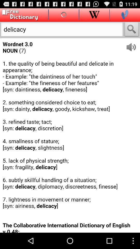  I want to click on the option, so click(132, 30).